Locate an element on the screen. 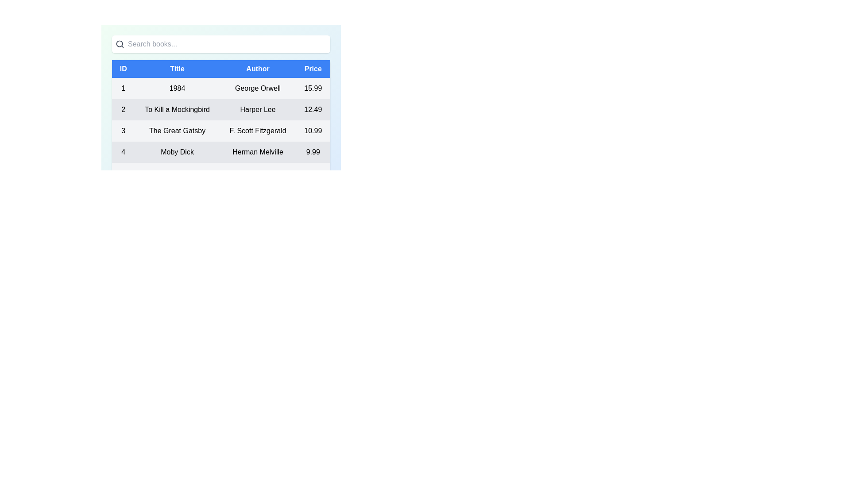 This screenshot has height=478, width=850. the static text element representing the title of the book 'The Great Gatsby' located in the 'Title' column of the book entry table is located at coordinates (177, 131).